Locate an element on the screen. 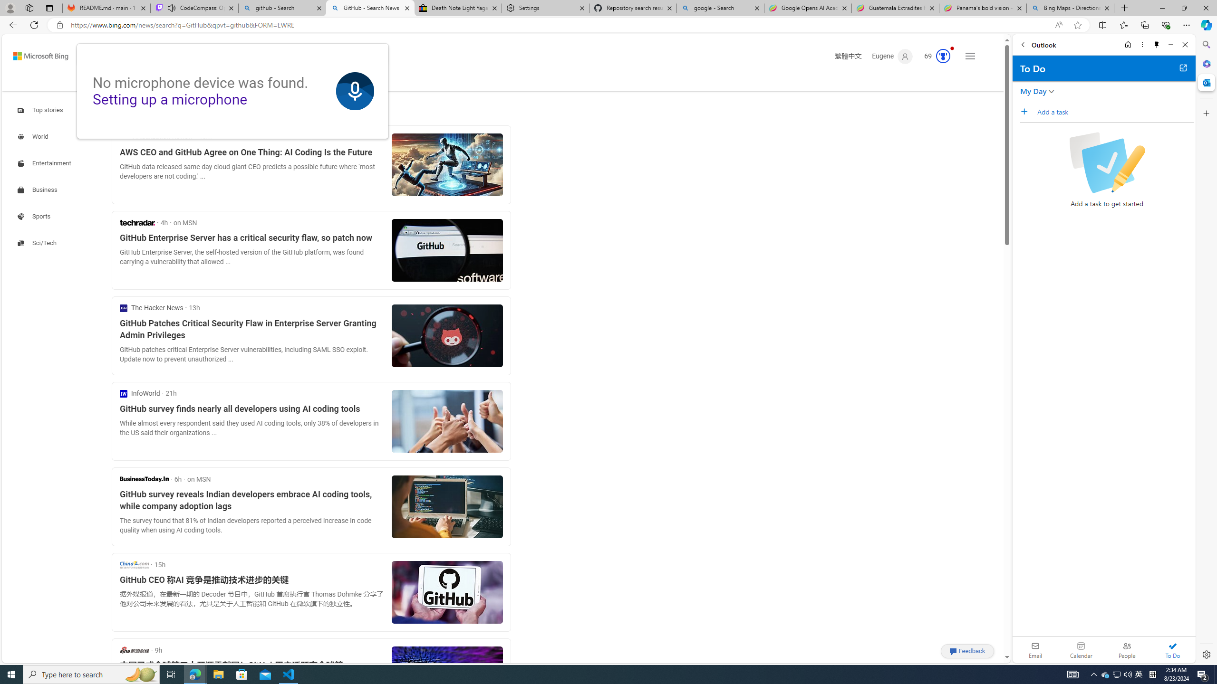 Image resolution: width=1217 pixels, height=684 pixels. 'Open in new tab' is located at coordinates (1182, 67).